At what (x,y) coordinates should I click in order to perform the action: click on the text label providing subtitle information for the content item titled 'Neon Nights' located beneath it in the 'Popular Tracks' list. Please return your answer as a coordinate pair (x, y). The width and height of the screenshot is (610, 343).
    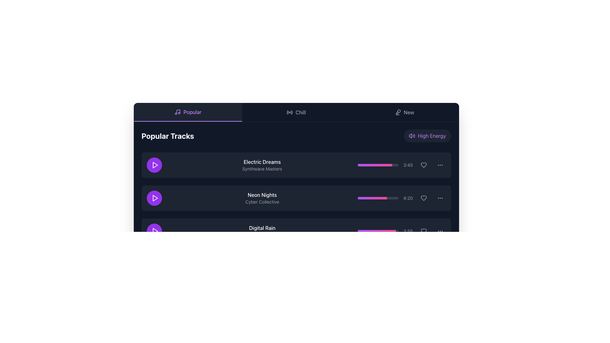
    Looking at the image, I should click on (262, 202).